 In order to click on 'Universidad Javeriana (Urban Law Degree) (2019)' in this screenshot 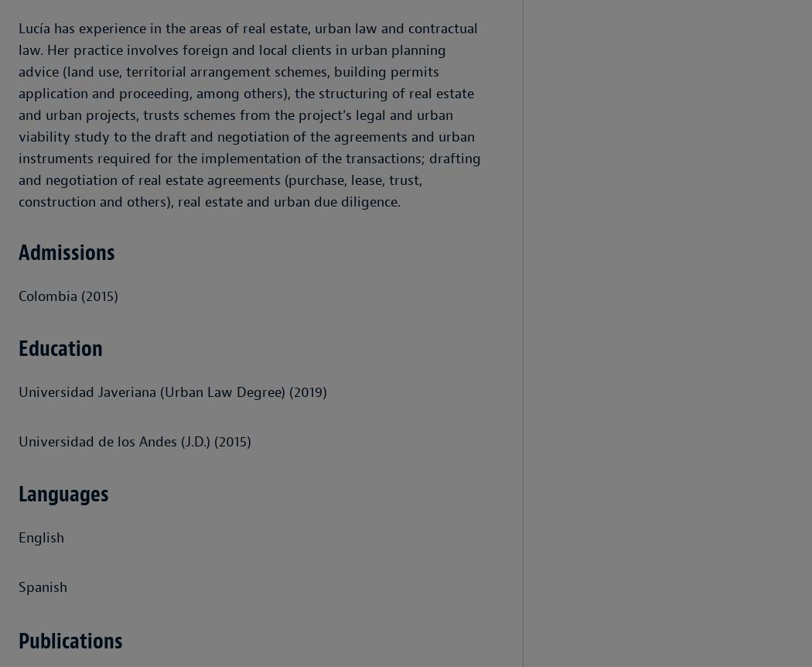, I will do `click(19, 392)`.